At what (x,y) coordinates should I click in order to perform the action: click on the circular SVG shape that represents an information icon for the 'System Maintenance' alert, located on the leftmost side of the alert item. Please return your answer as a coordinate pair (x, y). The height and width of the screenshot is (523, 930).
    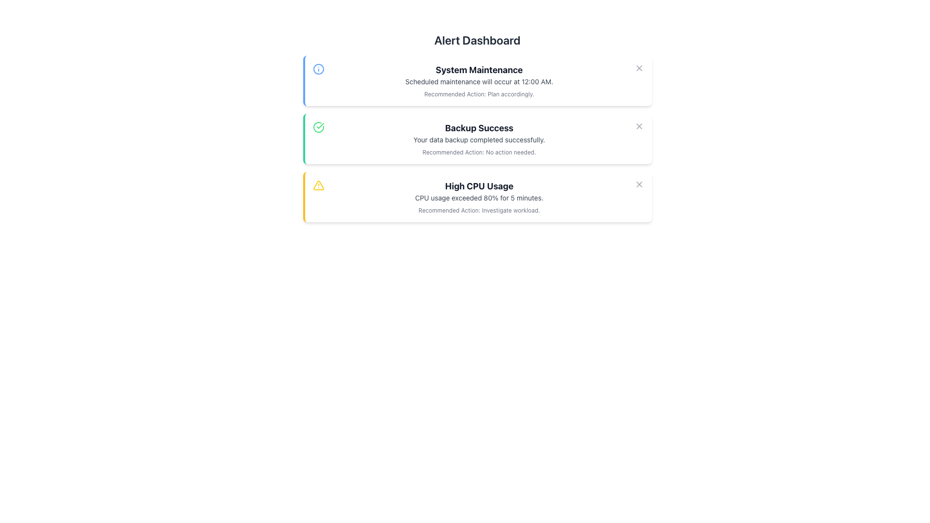
    Looking at the image, I should click on (318, 68).